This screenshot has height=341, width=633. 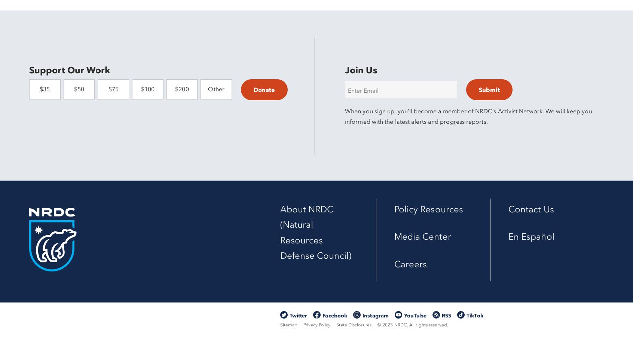 I want to click on '$50', so click(x=78, y=89).